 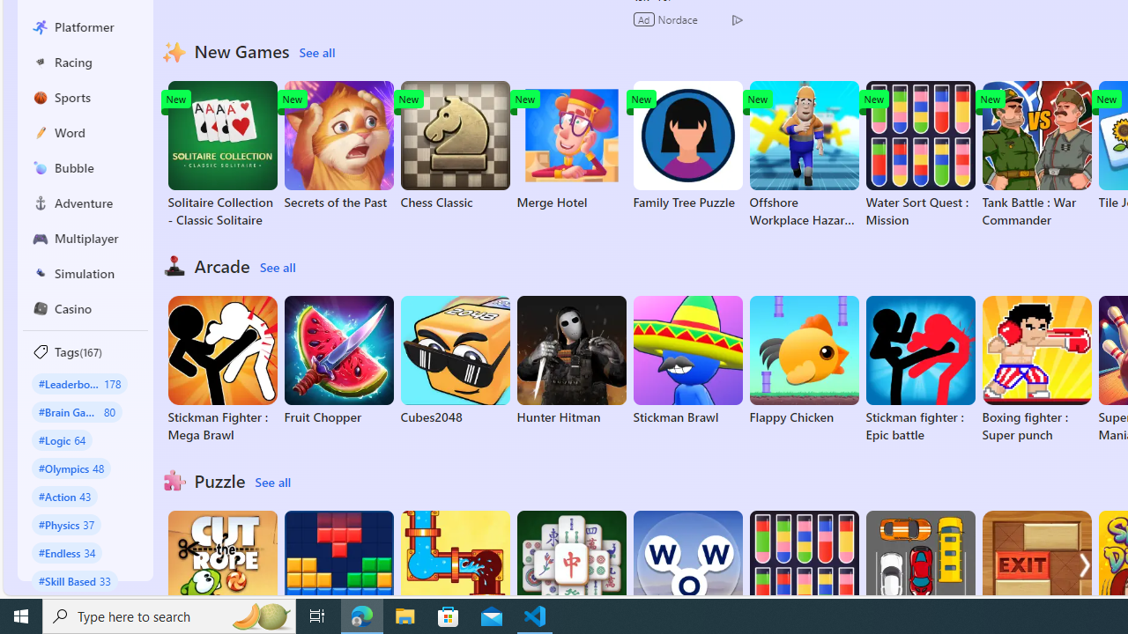 I want to click on 'Flappy Chicken', so click(x=803, y=360).